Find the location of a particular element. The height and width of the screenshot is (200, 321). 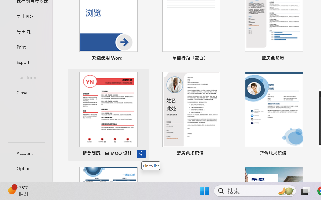

'Transform' is located at coordinates (26, 77).